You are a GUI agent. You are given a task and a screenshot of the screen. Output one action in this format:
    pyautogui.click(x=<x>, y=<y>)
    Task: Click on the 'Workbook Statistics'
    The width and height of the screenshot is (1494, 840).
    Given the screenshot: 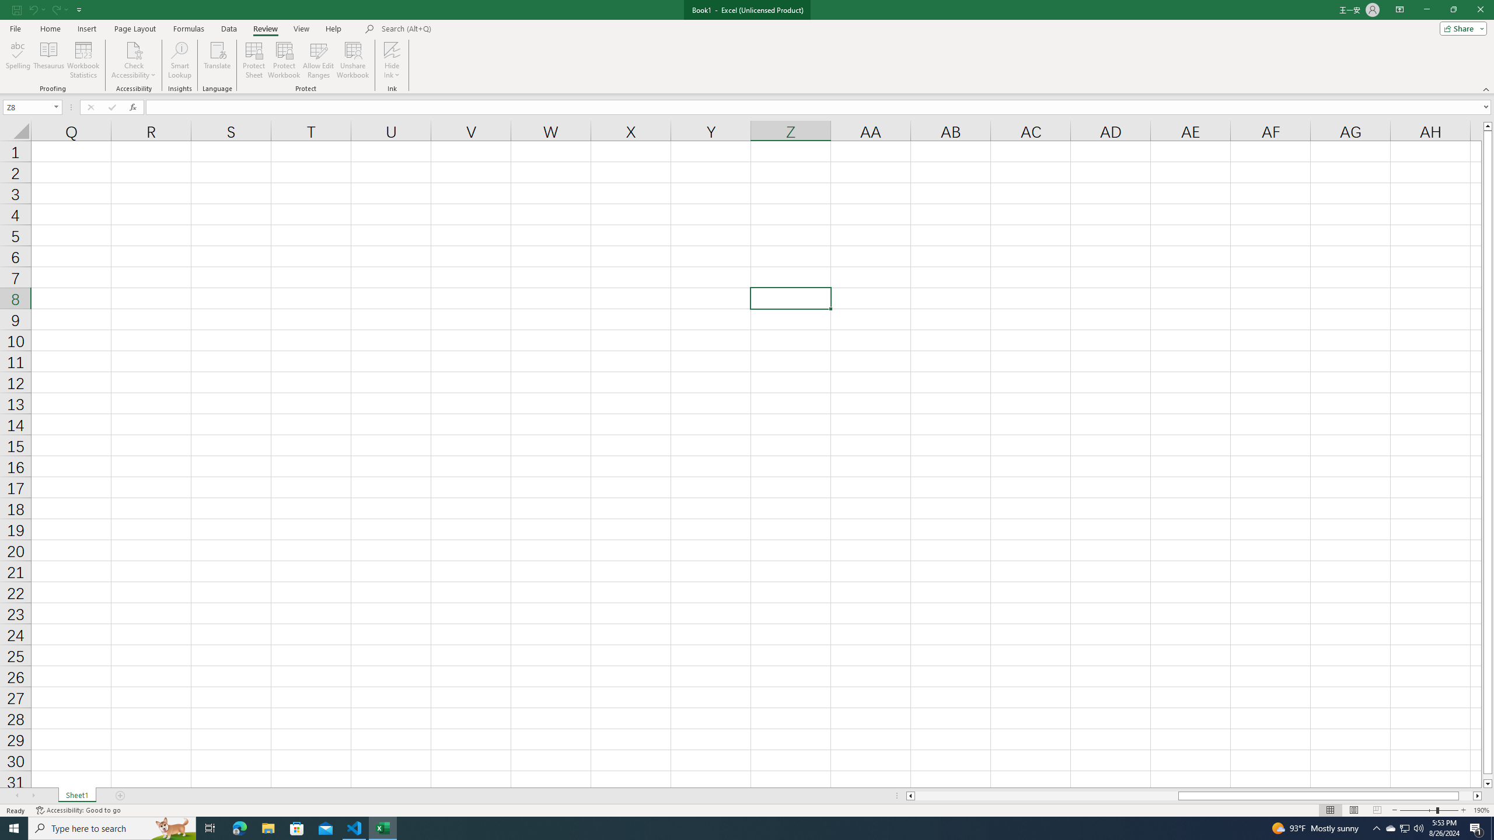 What is the action you would take?
    pyautogui.click(x=83, y=60)
    